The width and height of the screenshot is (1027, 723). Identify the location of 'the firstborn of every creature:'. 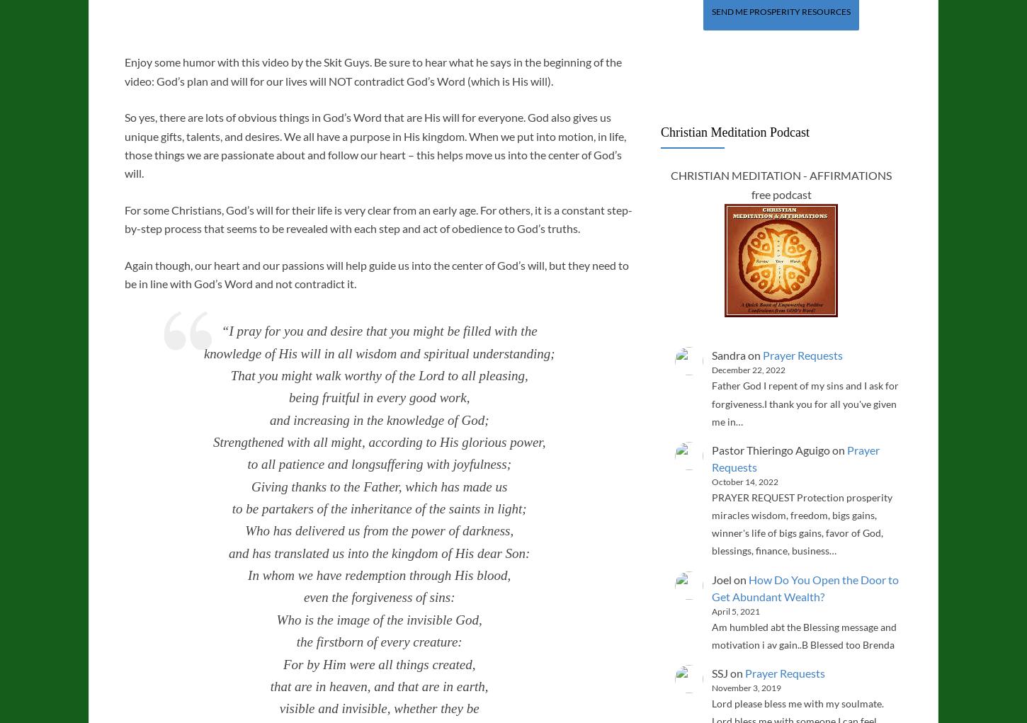
(379, 642).